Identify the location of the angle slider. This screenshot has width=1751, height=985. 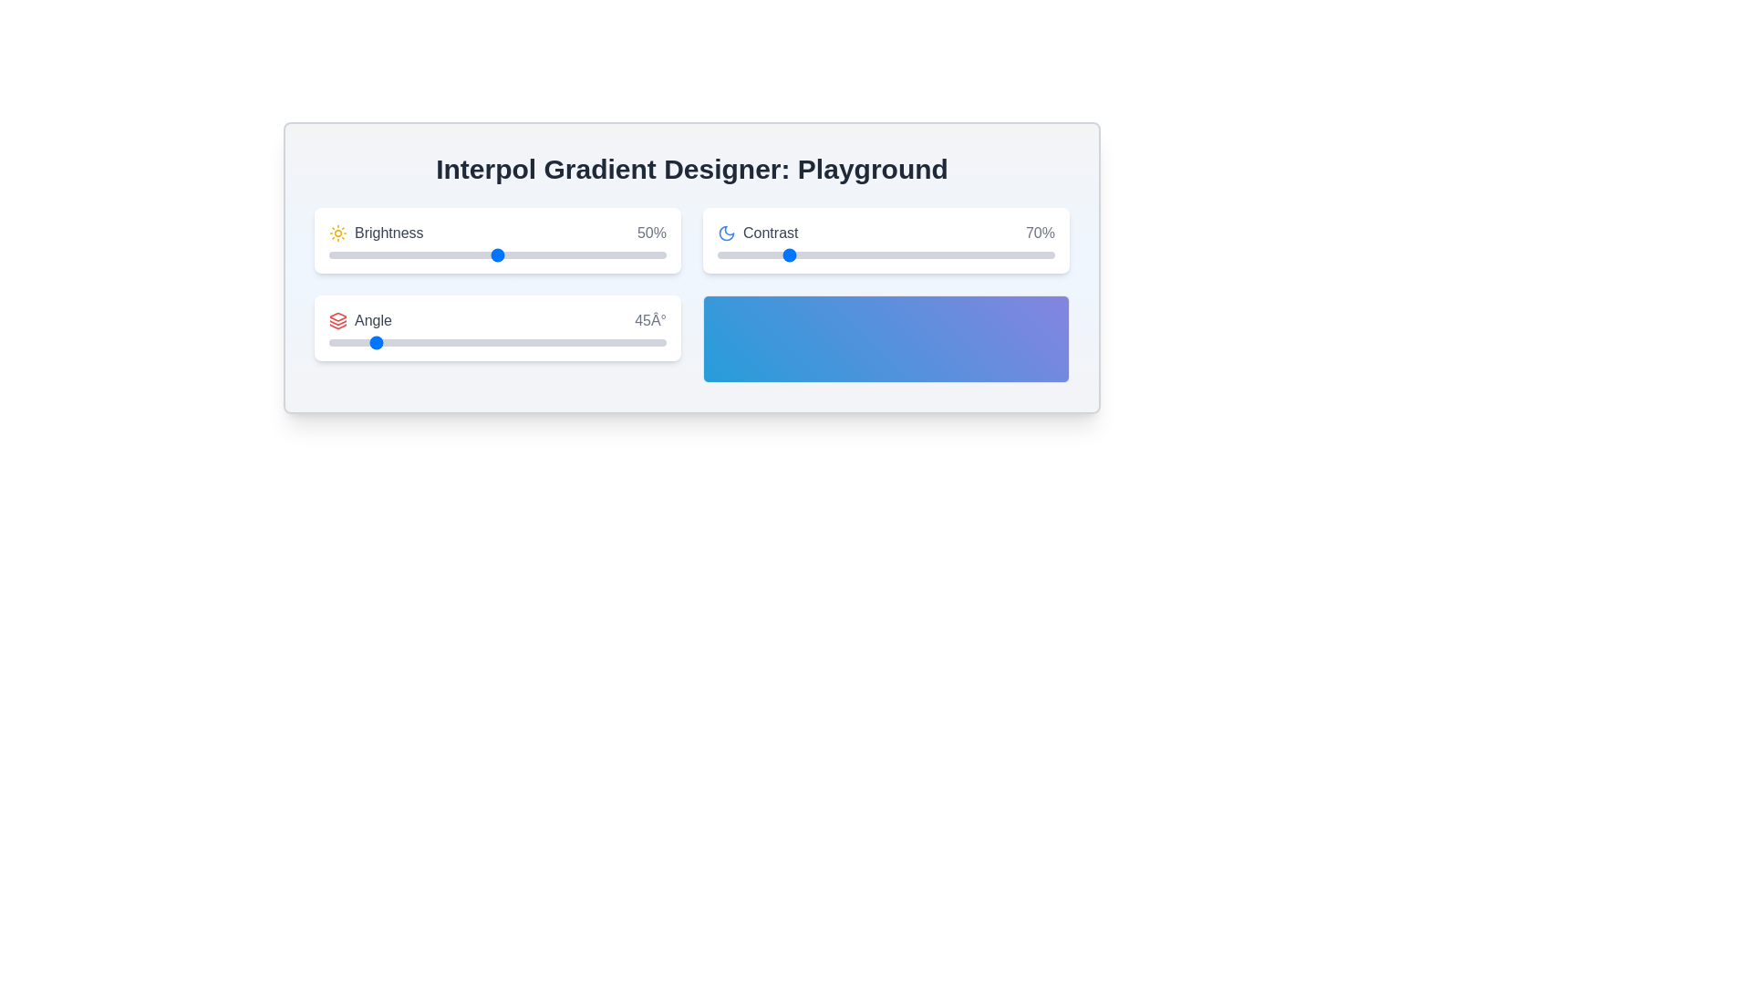
(616, 342).